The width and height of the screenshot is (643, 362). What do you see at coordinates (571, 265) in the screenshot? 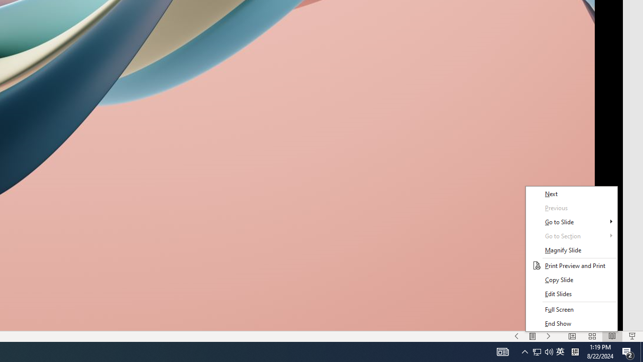
I see `'Print Preview and Print'` at bounding box center [571, 265].